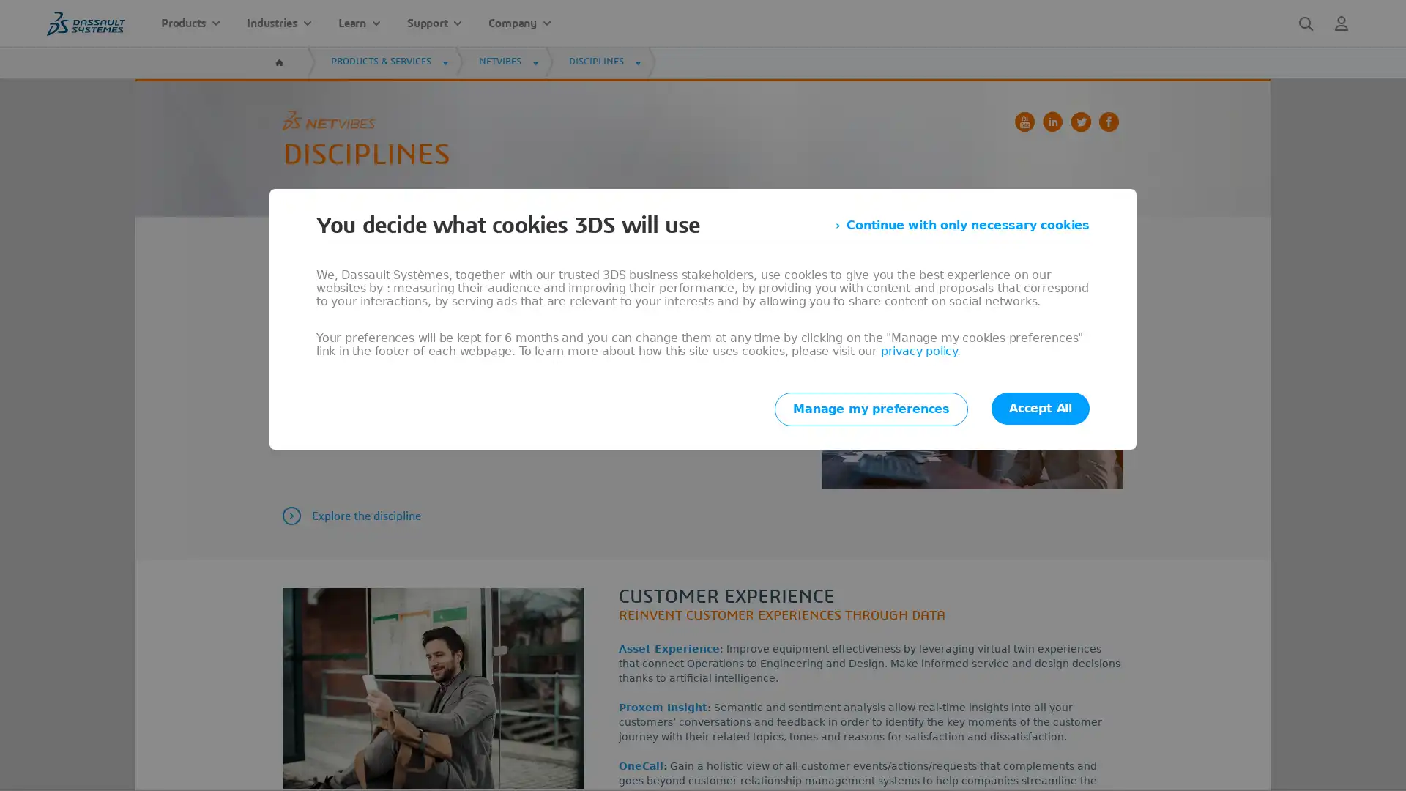  Describe the element at coordinates (1039, 409) in the screenshot. I see `Accept All` at that location.